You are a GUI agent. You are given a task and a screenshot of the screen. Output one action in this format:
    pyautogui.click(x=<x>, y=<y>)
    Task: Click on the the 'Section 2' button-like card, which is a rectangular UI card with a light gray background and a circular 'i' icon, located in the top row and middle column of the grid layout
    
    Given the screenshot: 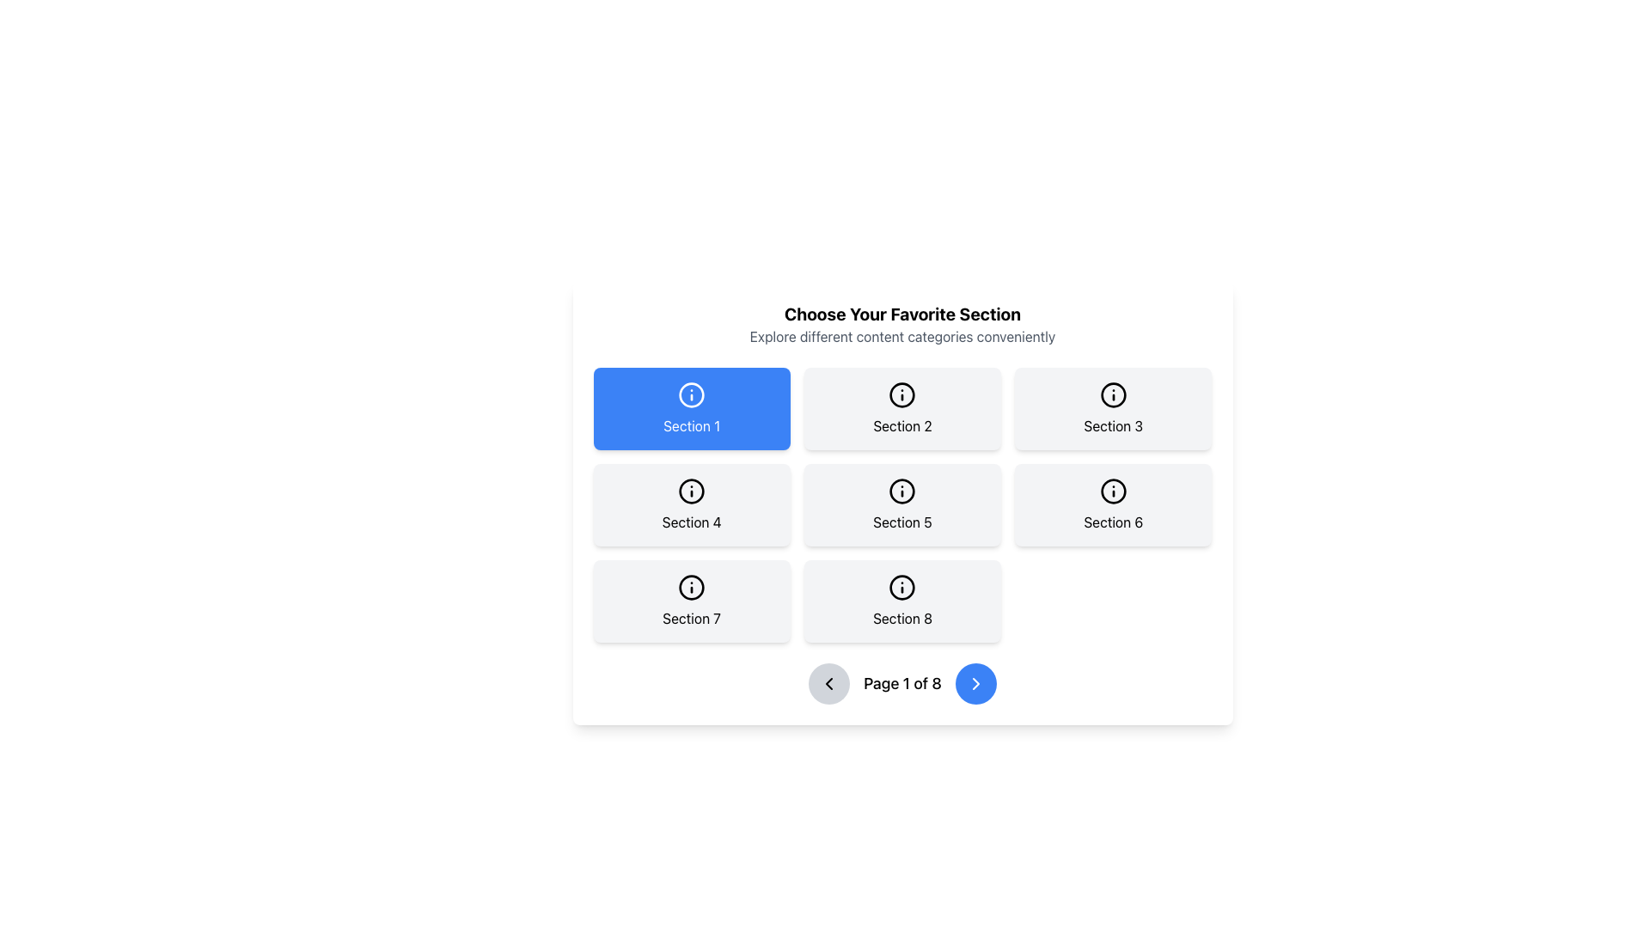 What is the action you would take?
    pyautogui.click(x=901, y=408)
    